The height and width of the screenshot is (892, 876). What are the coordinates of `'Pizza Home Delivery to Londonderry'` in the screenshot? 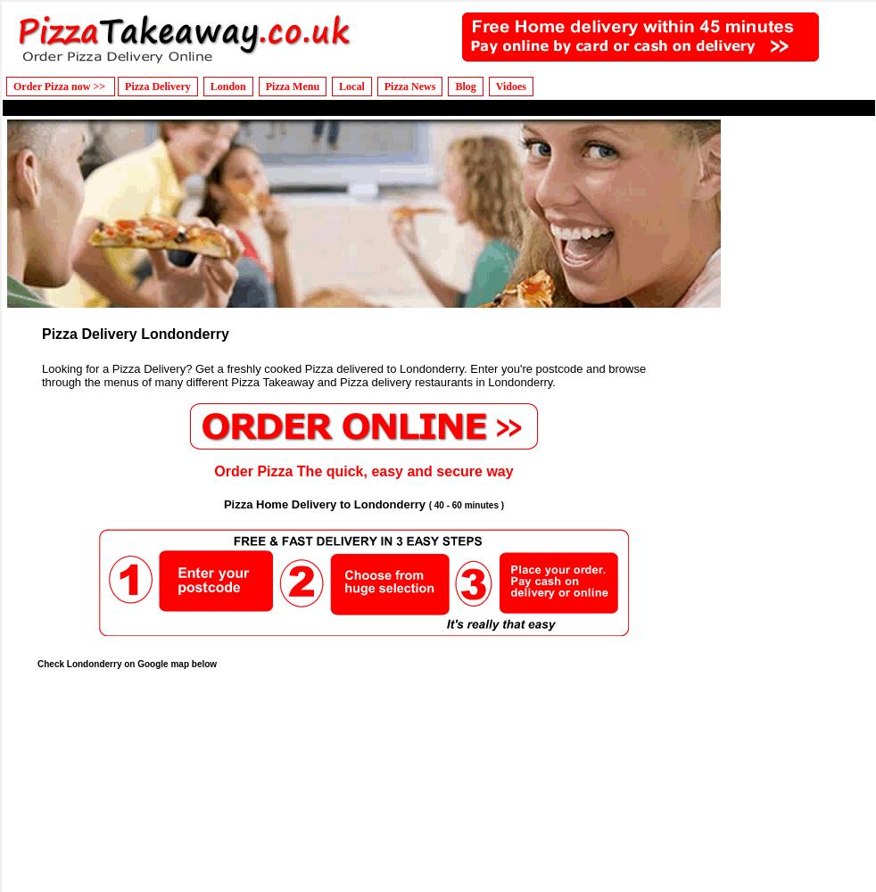 It's located at (326, 502).